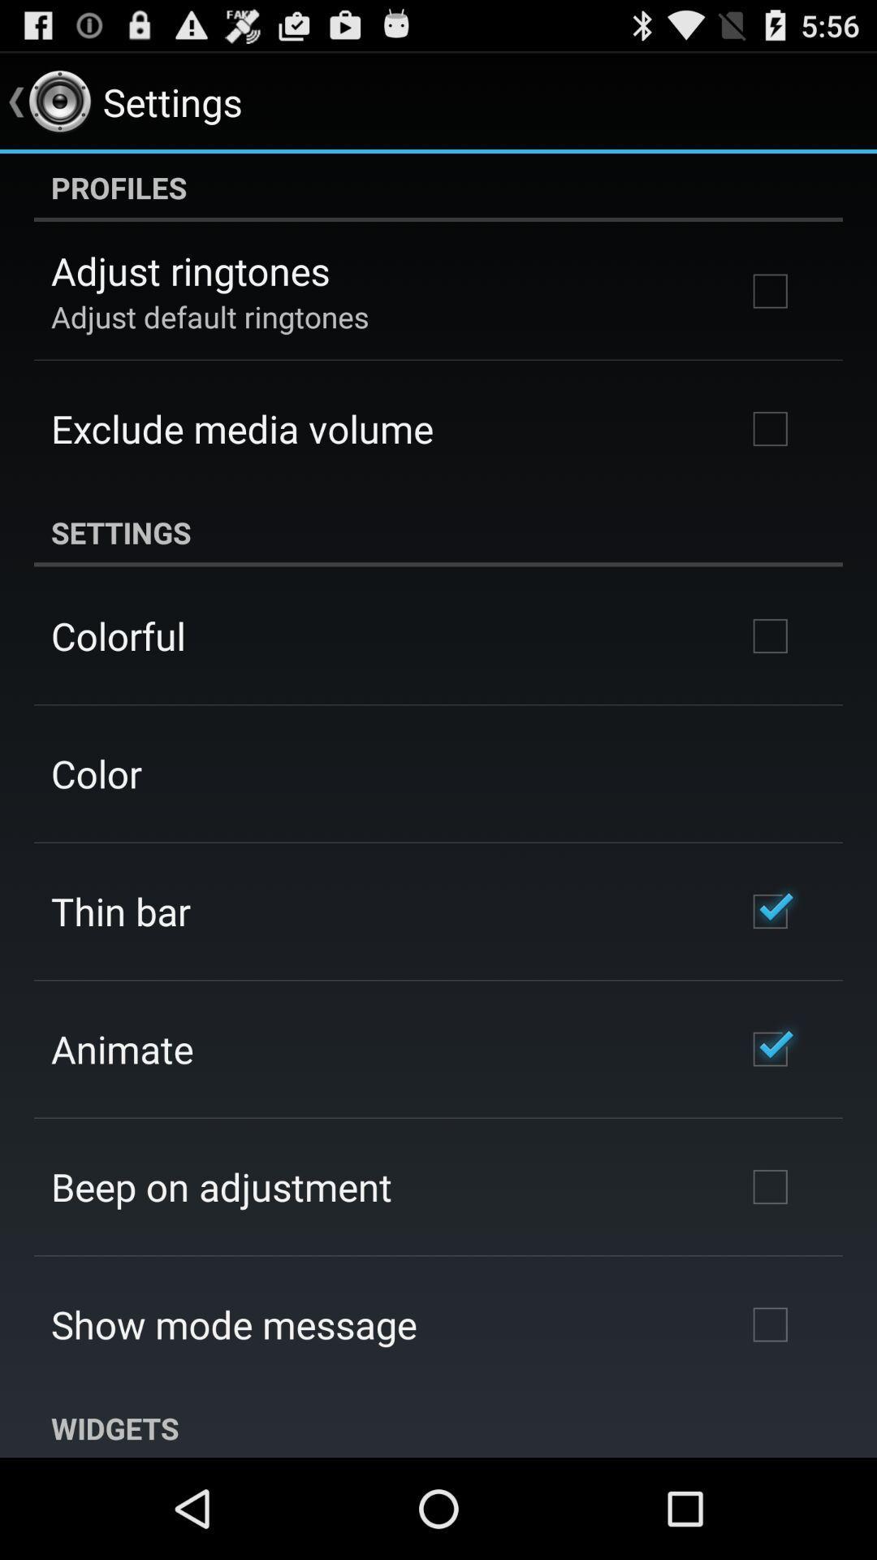  Describe the element at coordinates (234, 1324) in the screenshot. I see `the show mode message app` at that location.